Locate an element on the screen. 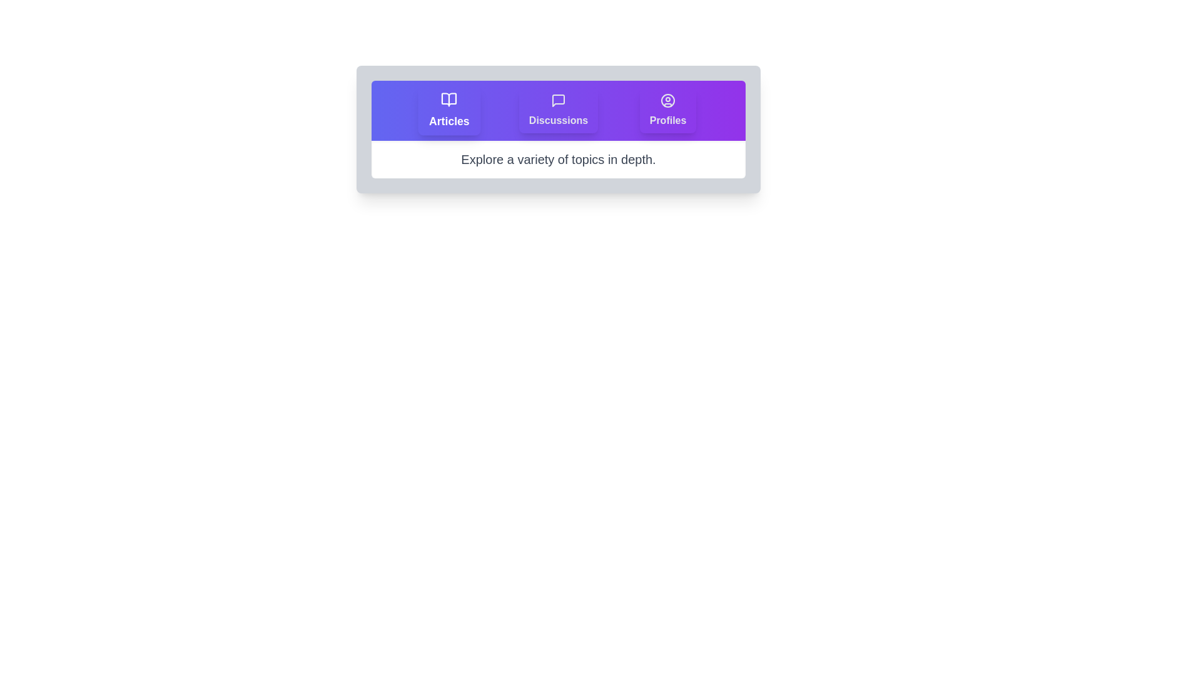 This screenshot has height=676, width=1201. the tab labeled Articles is located at coordinates (448, 110).